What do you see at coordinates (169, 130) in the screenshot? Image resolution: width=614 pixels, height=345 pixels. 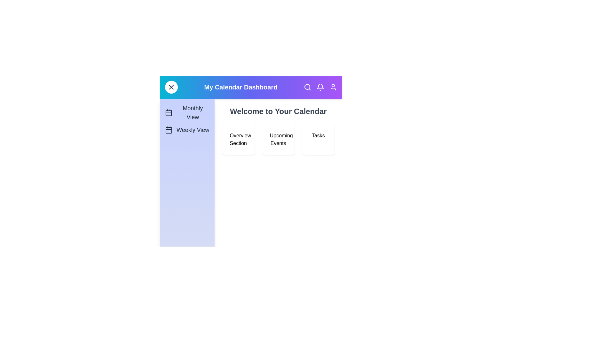 I see `the calendar icon representing the 'Weekly View' navigation link, which is a square icon with rounded corners and a minimalistic design` at bounding box center [169, 130].